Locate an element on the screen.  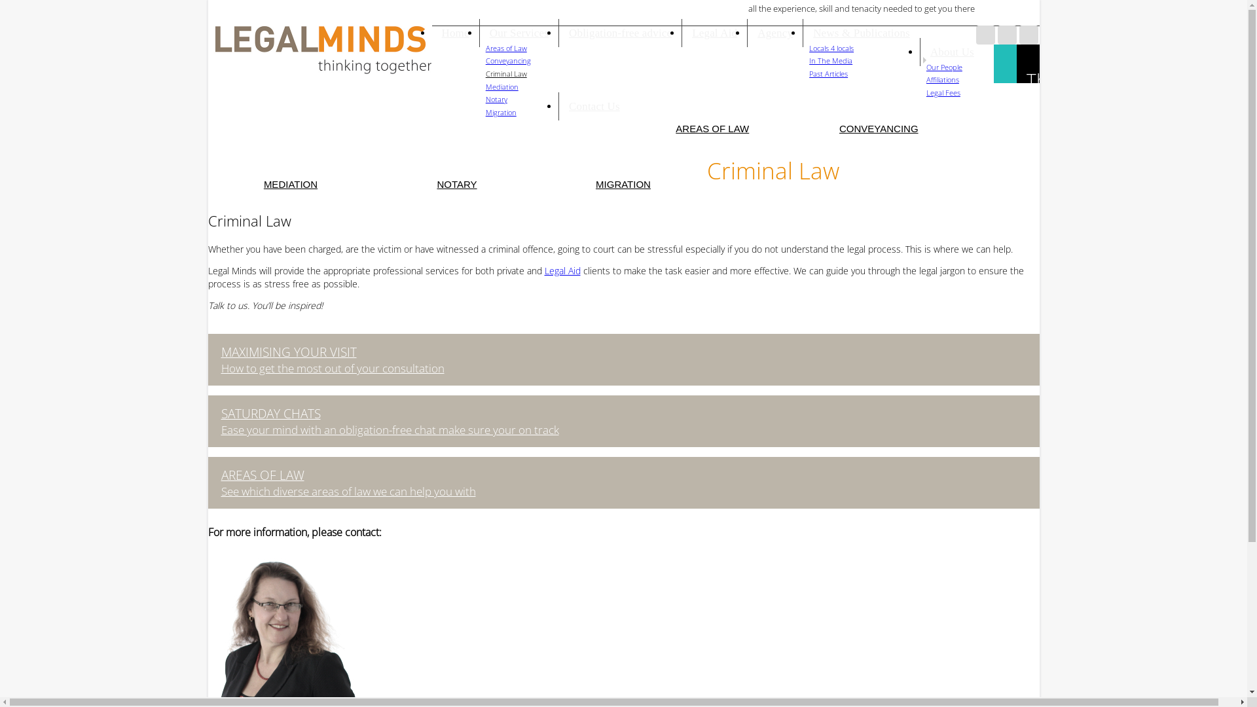
'Criminal Law' is located at coordinates (505, 73).